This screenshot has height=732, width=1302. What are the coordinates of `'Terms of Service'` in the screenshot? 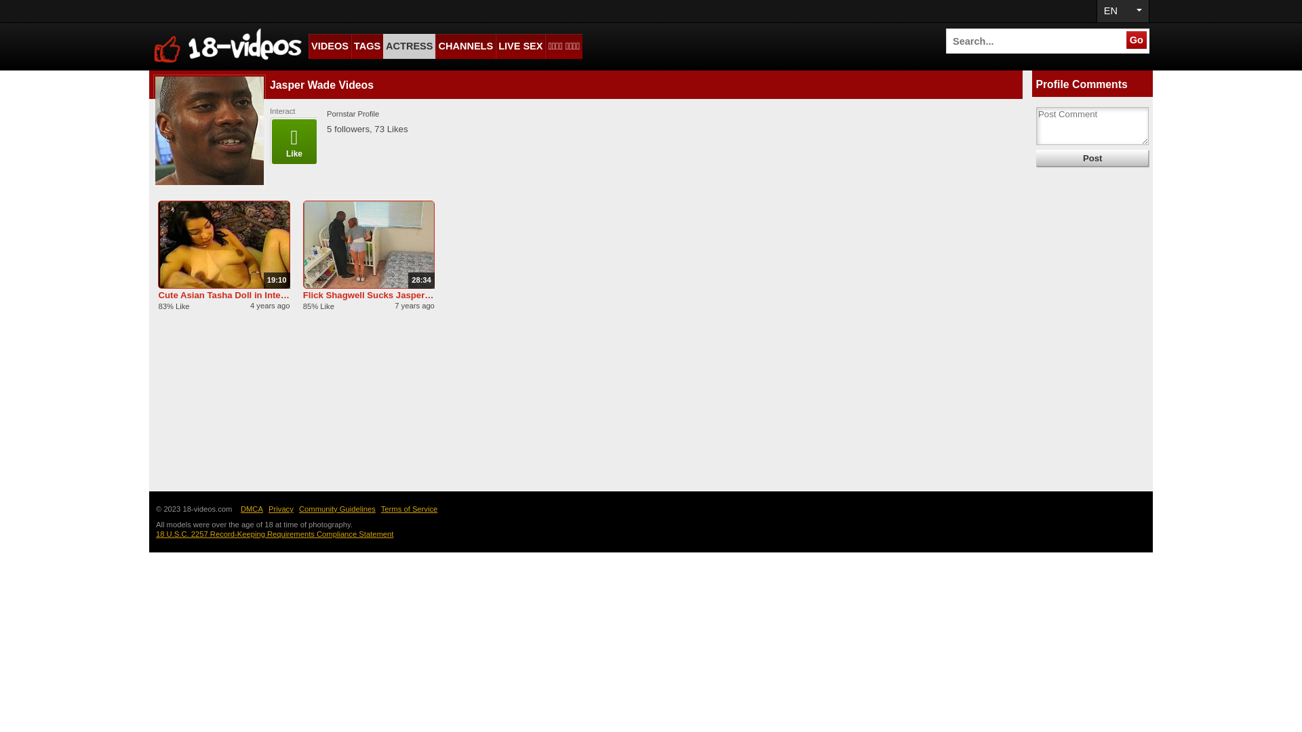 It's located at (380, 509).